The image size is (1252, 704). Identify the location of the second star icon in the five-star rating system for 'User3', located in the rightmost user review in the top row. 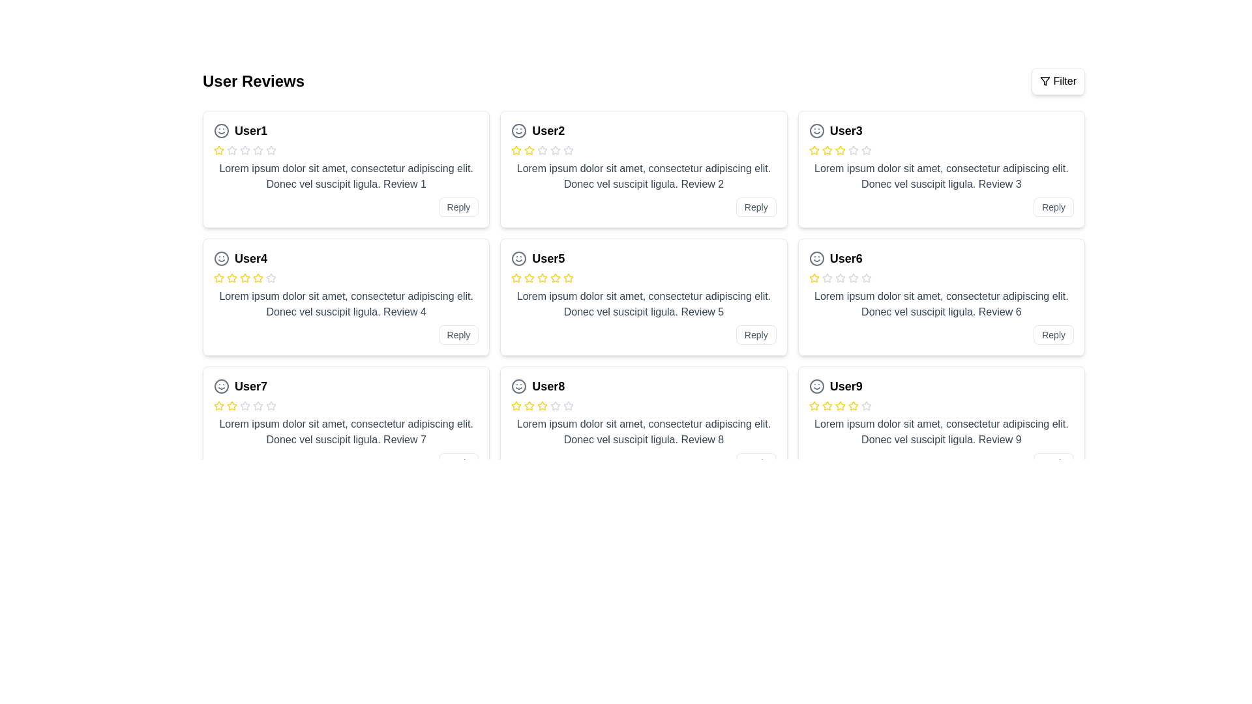
(813, 149).